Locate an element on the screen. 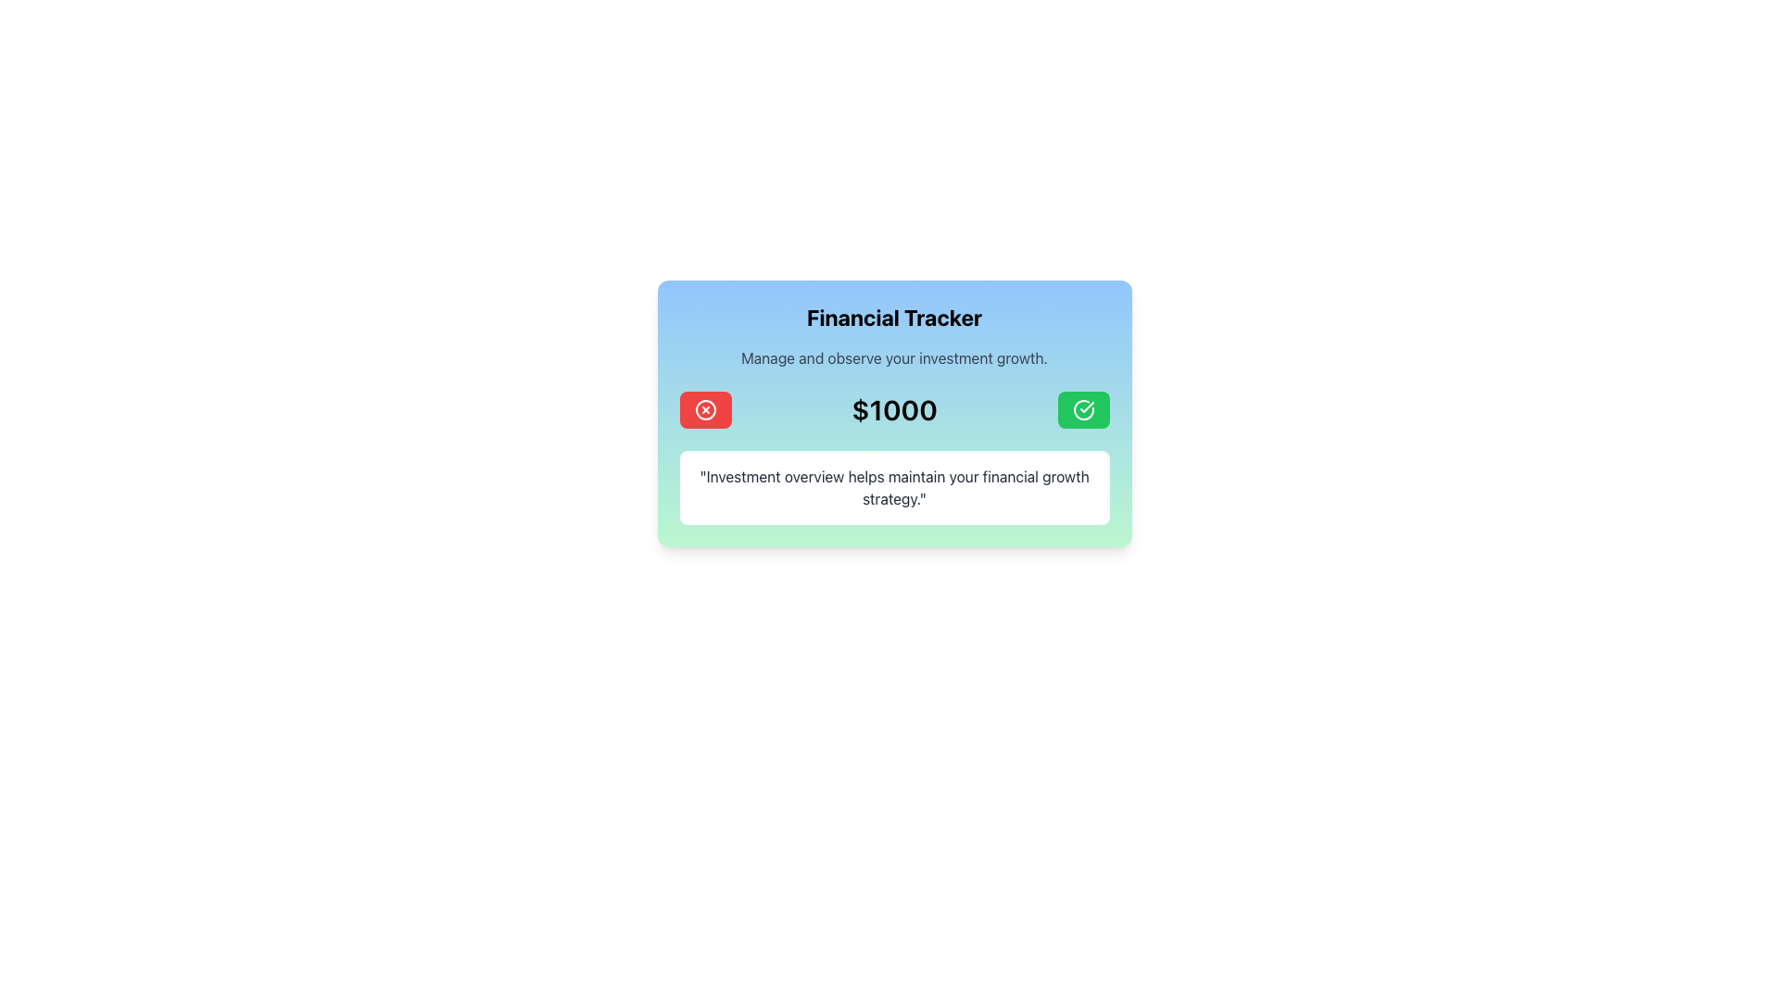 The width and height of the screenshot is (1779, 1000). the status representation by focusing on the circular icon featuring a checkmark with a green background, located at the bottom right of the card component is located at coordinates (1083, 409).